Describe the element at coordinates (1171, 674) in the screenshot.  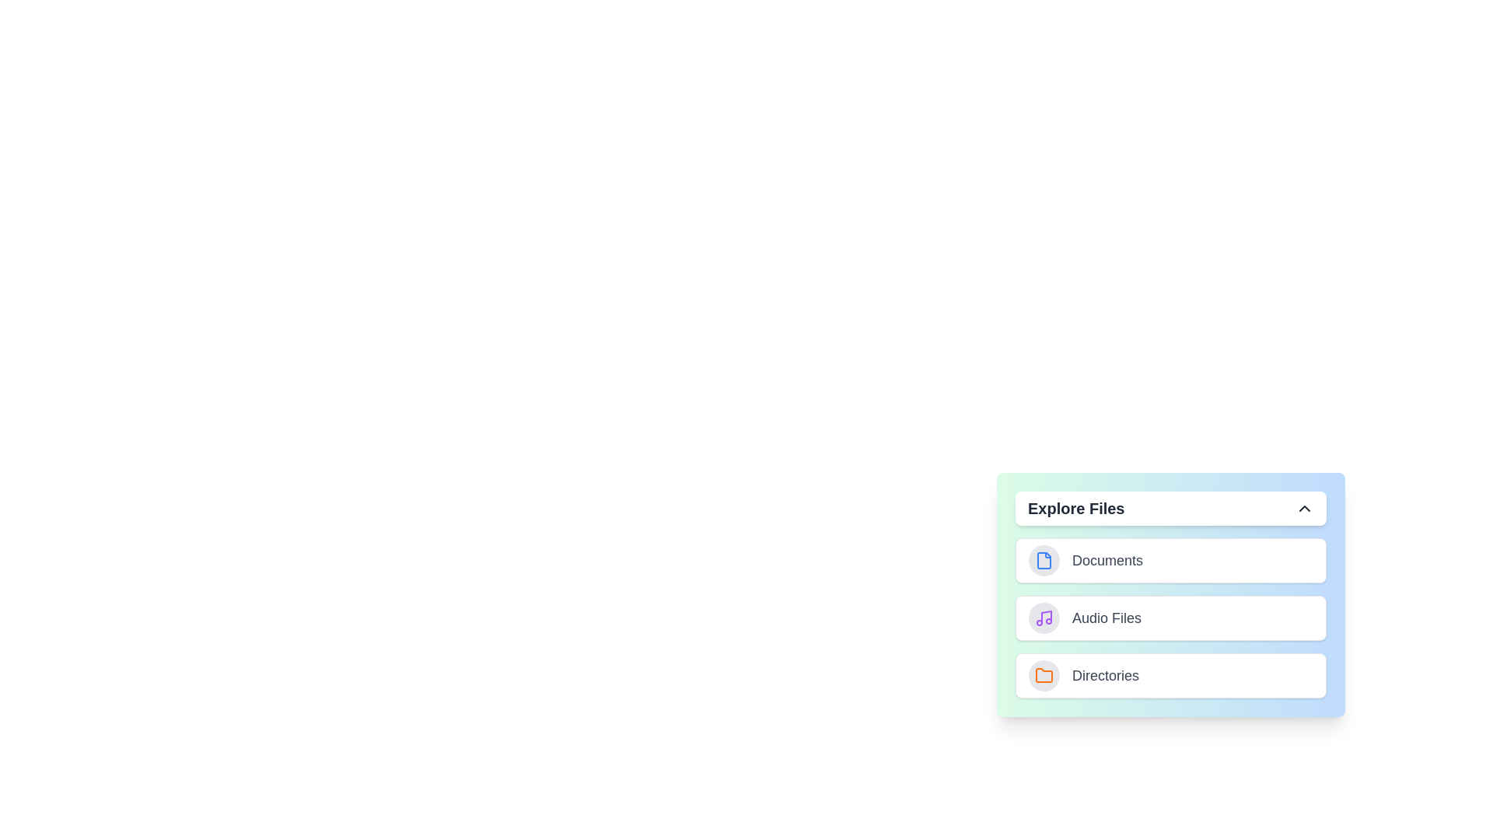
I see `the 'Directories' category to select it` at that location.